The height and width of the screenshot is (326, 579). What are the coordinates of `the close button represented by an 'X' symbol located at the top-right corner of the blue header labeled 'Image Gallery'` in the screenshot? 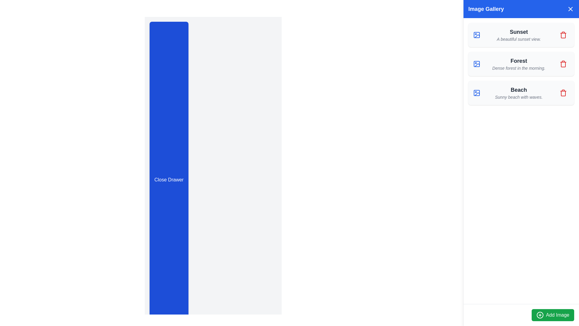 It's located at (570, 9).